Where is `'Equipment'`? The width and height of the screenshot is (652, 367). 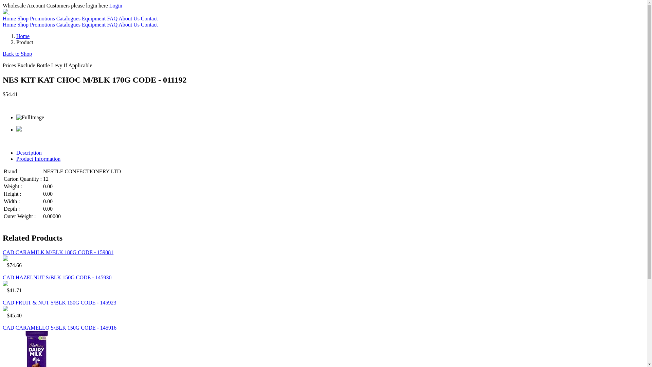 'Equipment' is located at coordinates (93, 18).